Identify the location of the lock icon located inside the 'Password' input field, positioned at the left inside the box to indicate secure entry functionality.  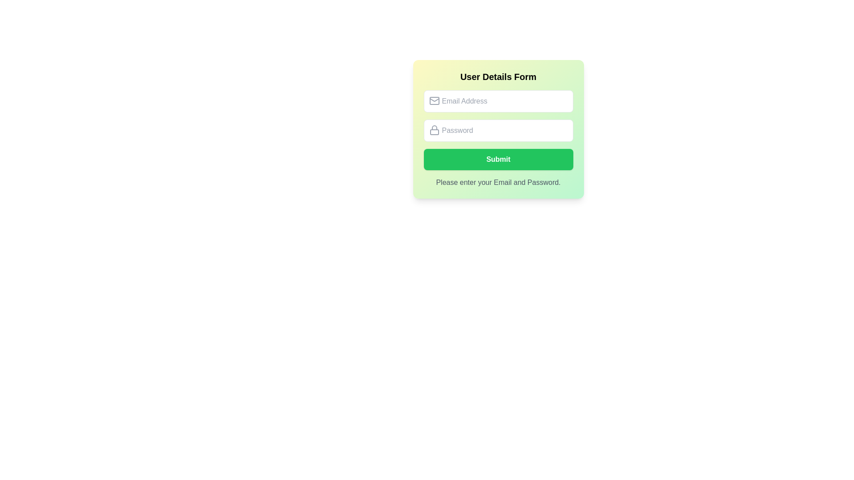
(434, 130).